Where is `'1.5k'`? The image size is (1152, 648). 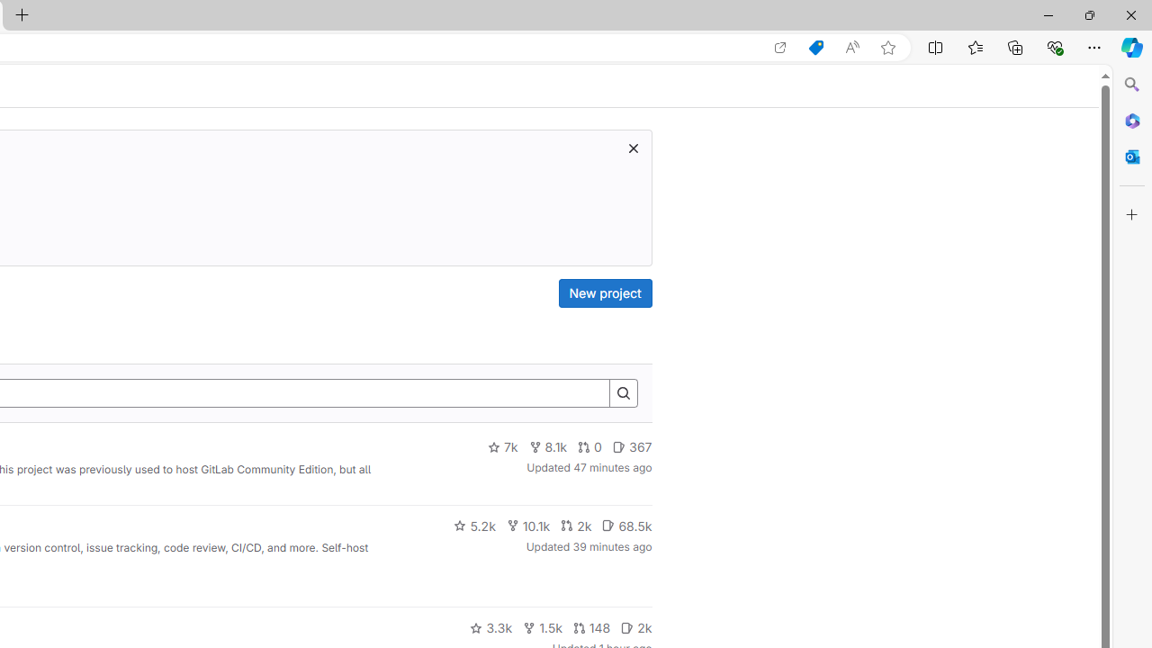 '1.5k' is located at coordinates (541, 627).